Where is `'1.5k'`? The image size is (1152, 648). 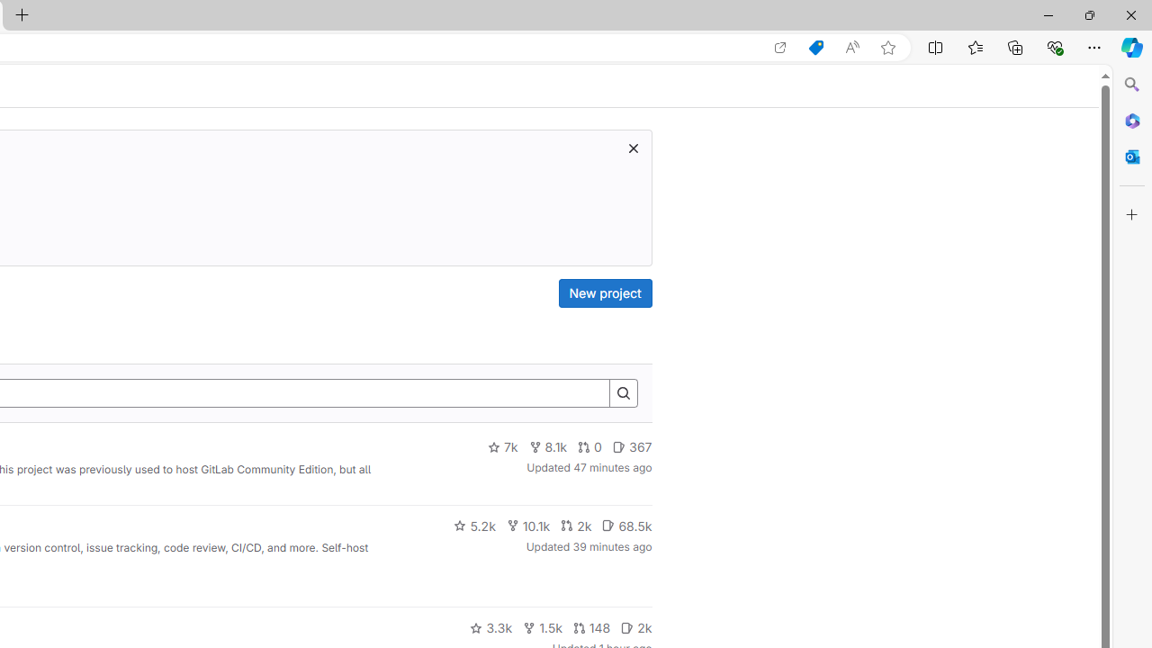 '1.5k' is located at coordinates (541, 627).